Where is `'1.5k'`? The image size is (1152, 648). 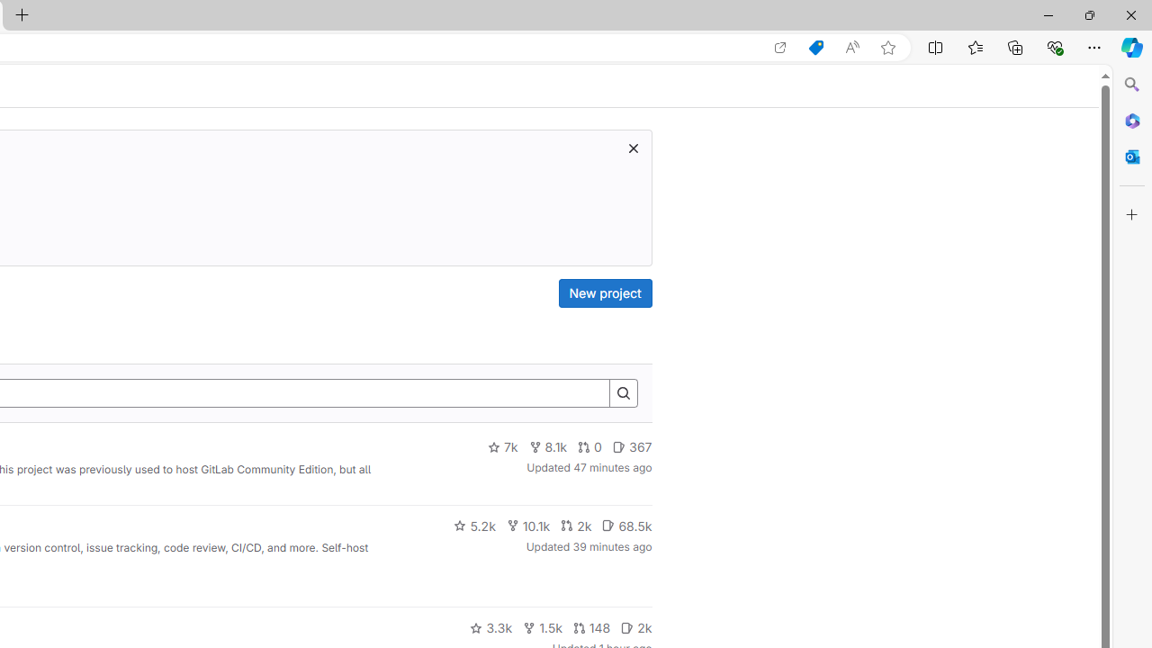 '1.5k' is located at coordinates (541, 627).